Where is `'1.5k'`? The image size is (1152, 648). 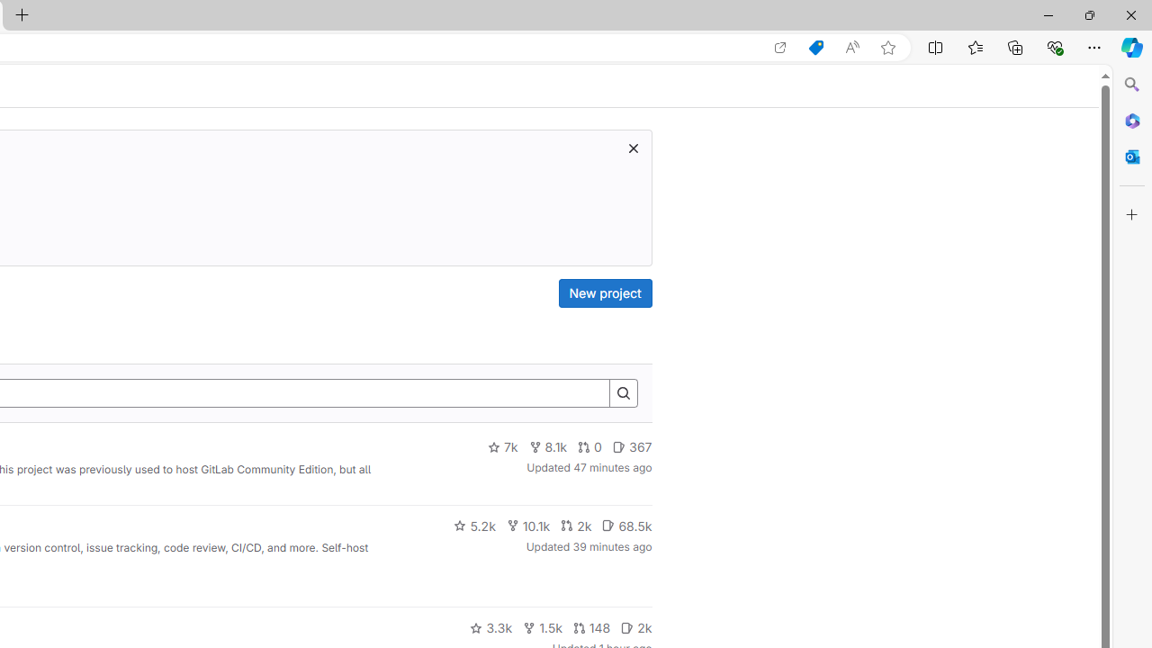 '1.5k' is located at coordinates (541, 627).